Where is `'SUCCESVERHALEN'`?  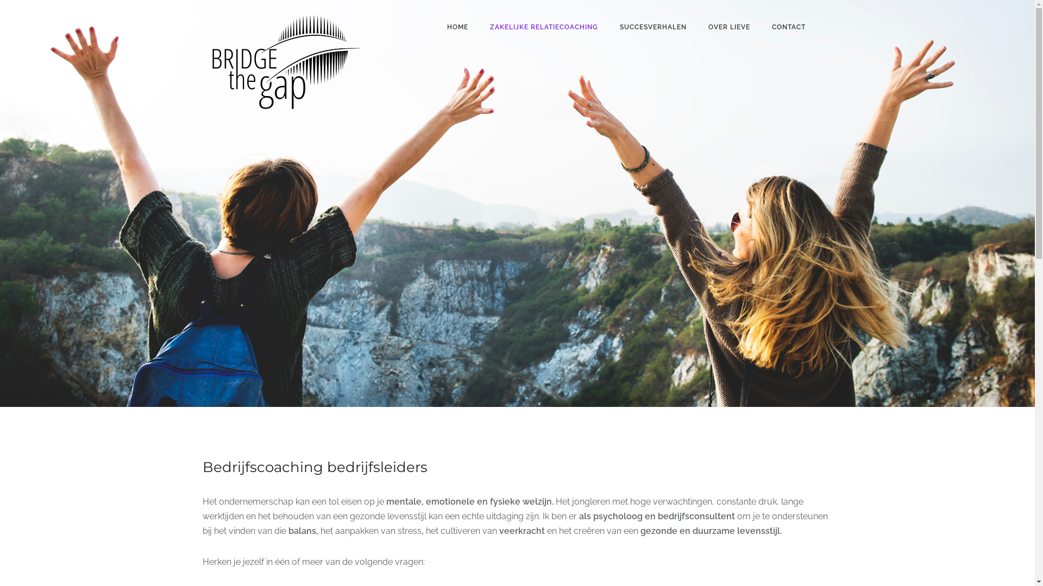 'SUCCESVERHALEN' is located at coordinates (652, 27).